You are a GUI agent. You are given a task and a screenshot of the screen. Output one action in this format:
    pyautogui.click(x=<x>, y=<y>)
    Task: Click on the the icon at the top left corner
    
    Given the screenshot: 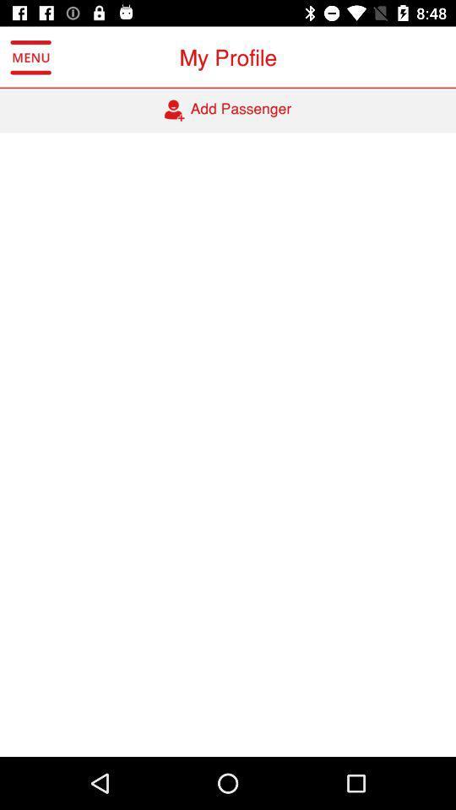 What is the action you would take?
    pyautogui.click(x=30, y=57)
    